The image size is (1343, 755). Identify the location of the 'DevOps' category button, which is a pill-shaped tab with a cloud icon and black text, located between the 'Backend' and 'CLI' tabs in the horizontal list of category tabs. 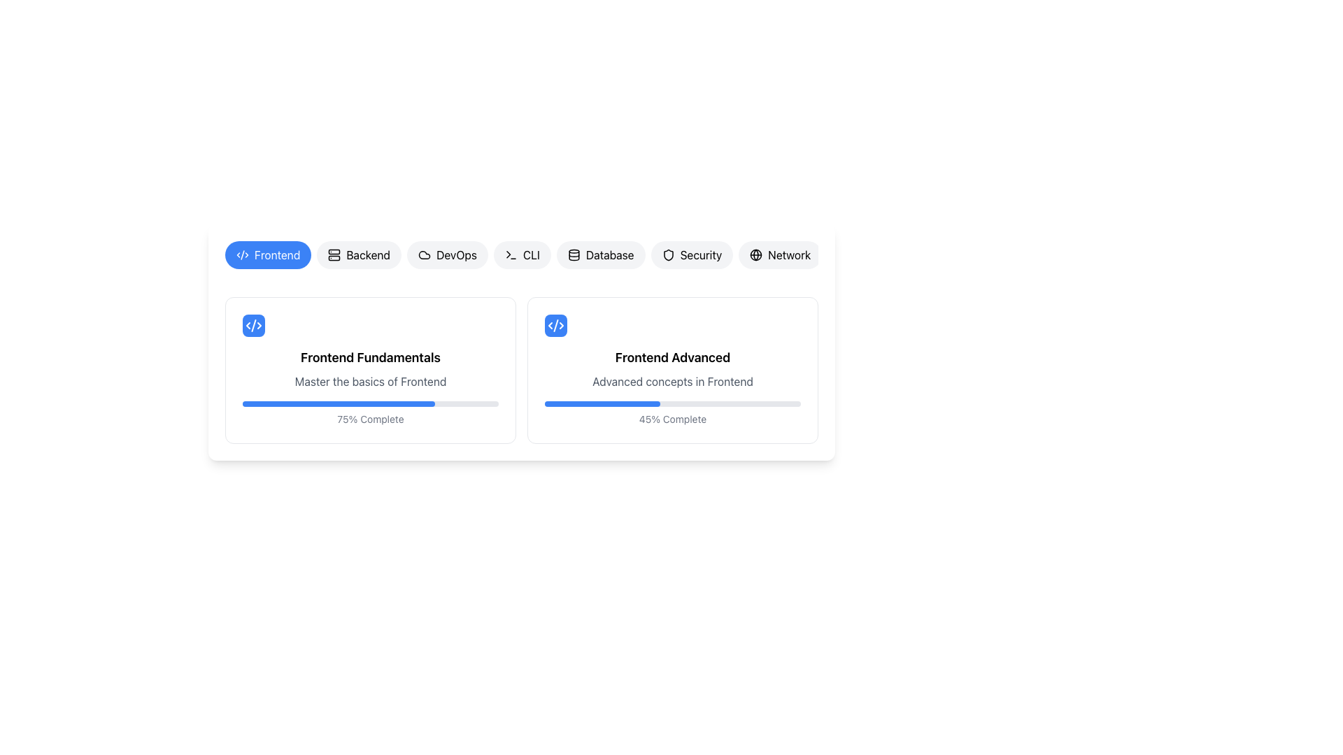
(446, 255).